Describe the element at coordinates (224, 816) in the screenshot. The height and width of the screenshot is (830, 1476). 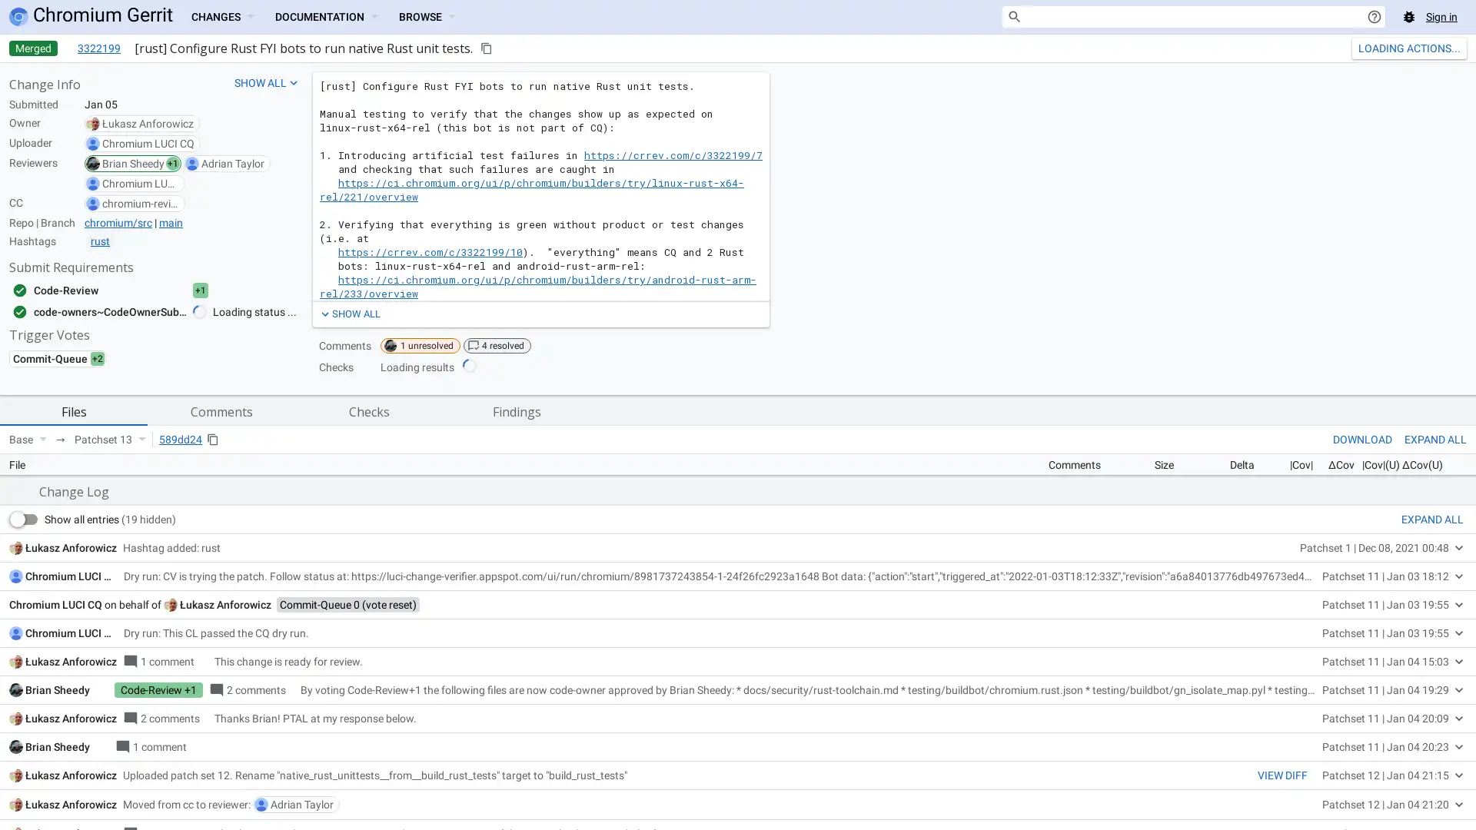
I see `ukasz Anforowicz` at that location.